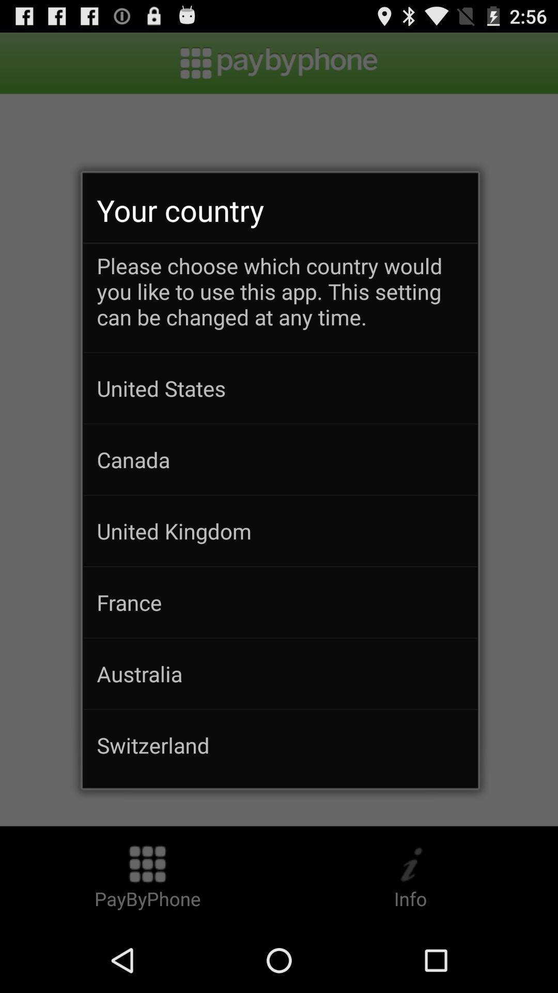 Image resolution: width=558 pixels, height=993 pixels. I want to click on switzerland, so click(280, 745).